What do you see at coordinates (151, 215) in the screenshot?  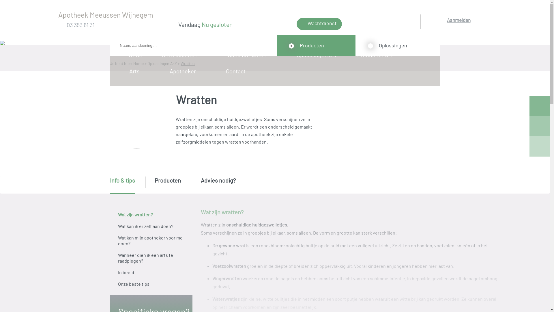 I see `'Wat zijn wratten?'` at bounding box center [151, 215].